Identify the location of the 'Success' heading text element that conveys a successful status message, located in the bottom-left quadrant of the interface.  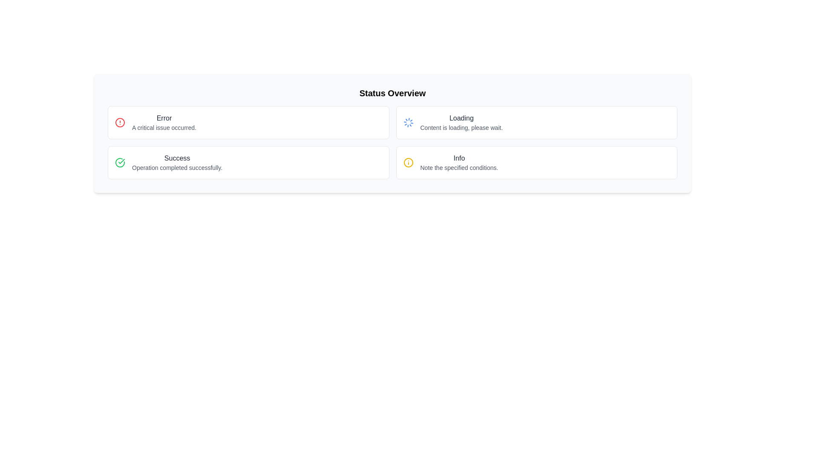
(177, 158).